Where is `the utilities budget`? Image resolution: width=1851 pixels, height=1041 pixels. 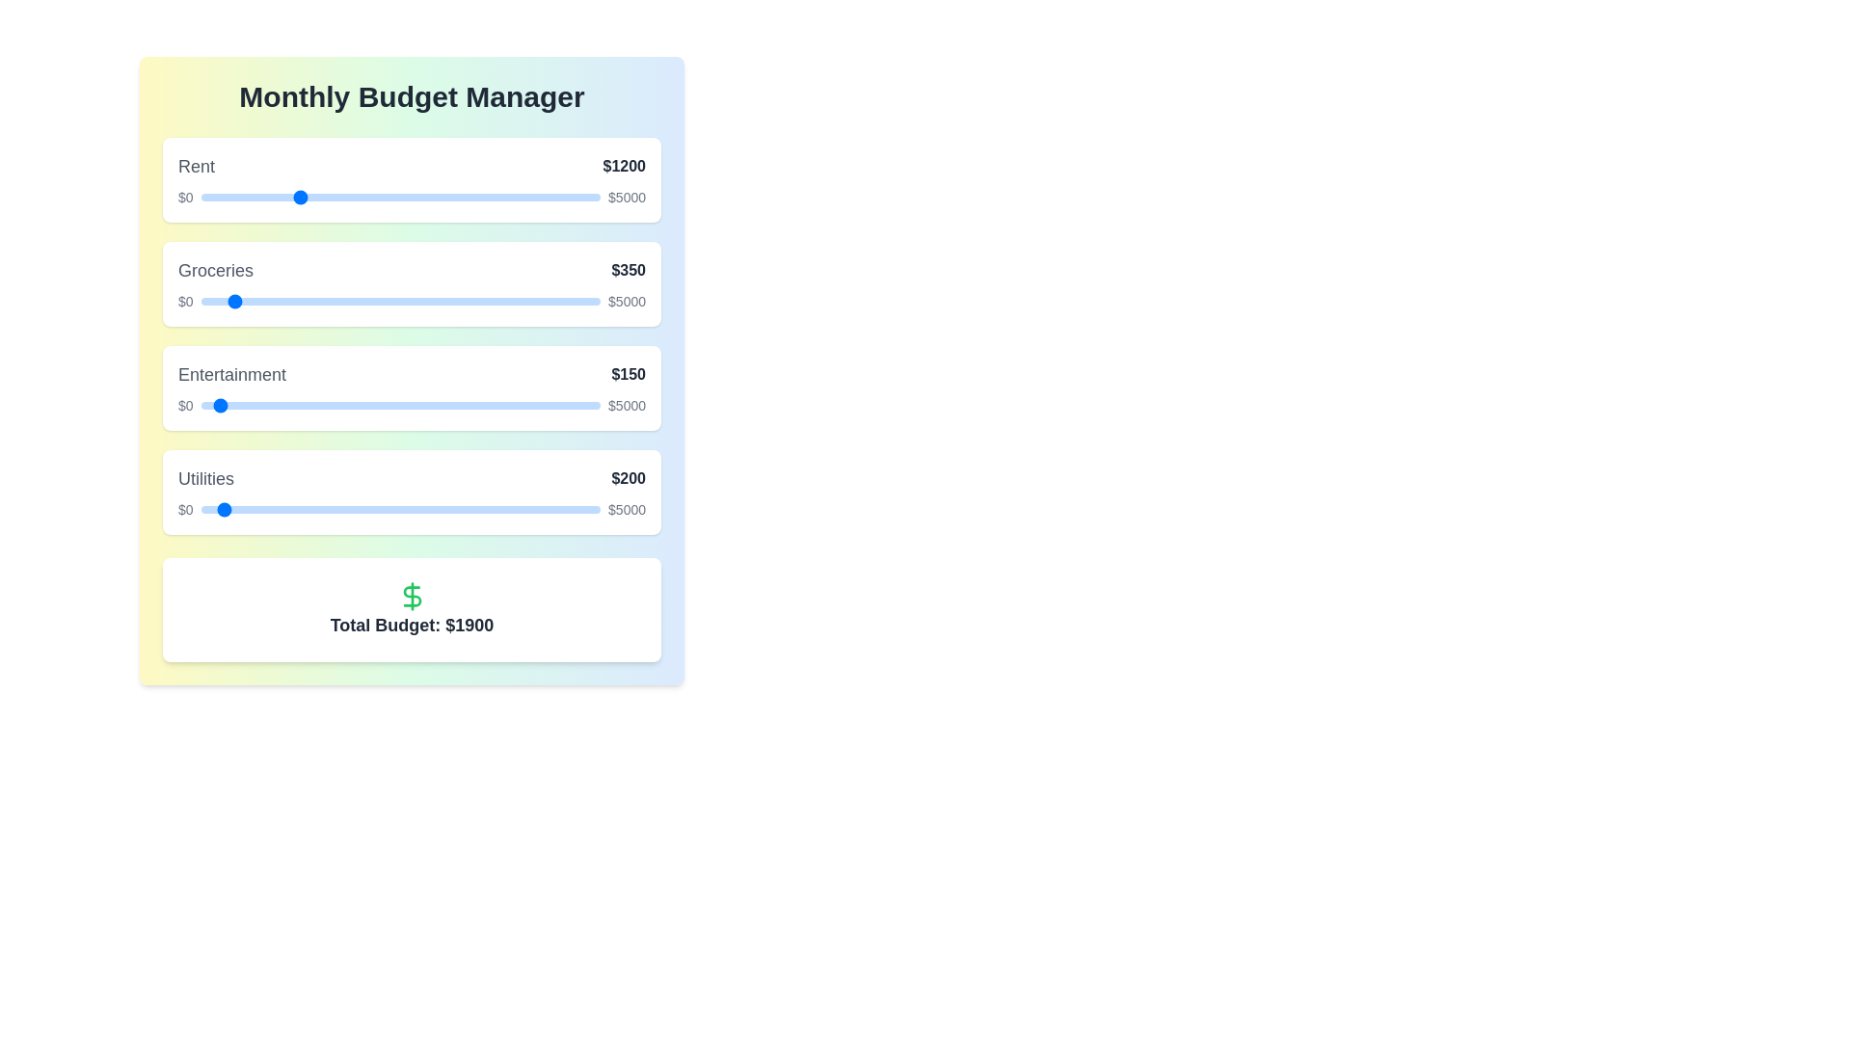
the utilities budget is located at coordinates (274, 508).